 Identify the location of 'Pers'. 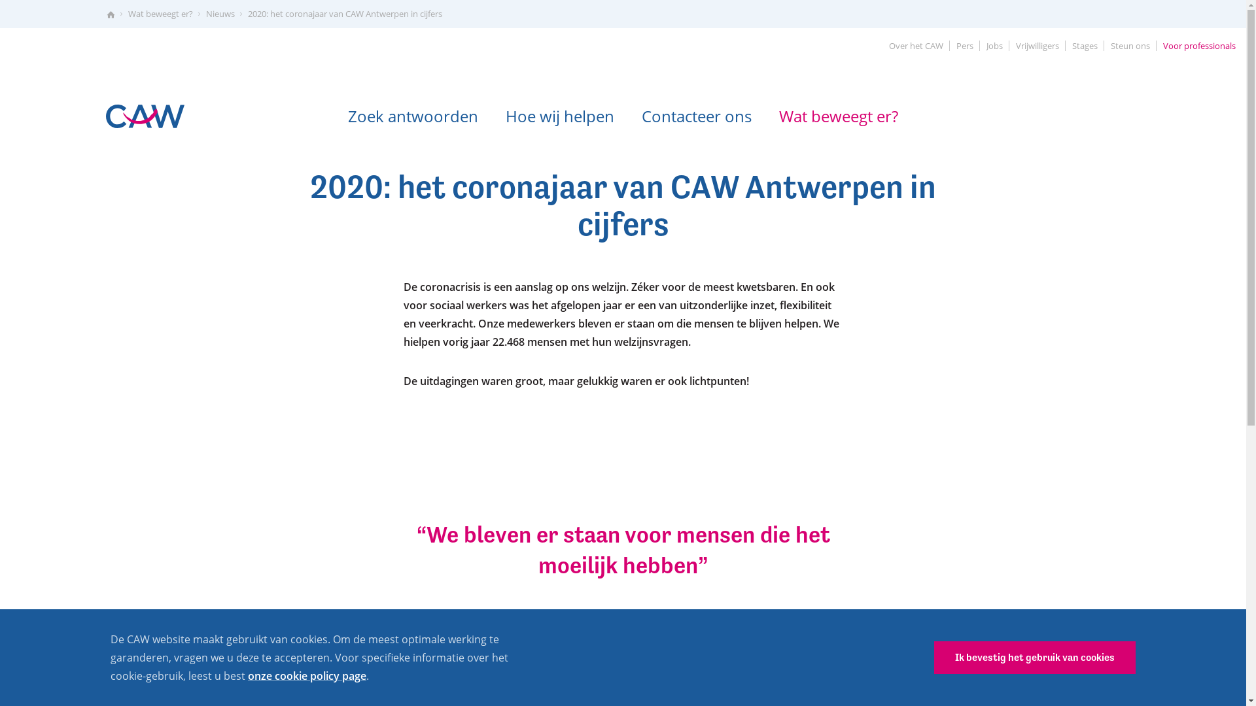
(949, 45).